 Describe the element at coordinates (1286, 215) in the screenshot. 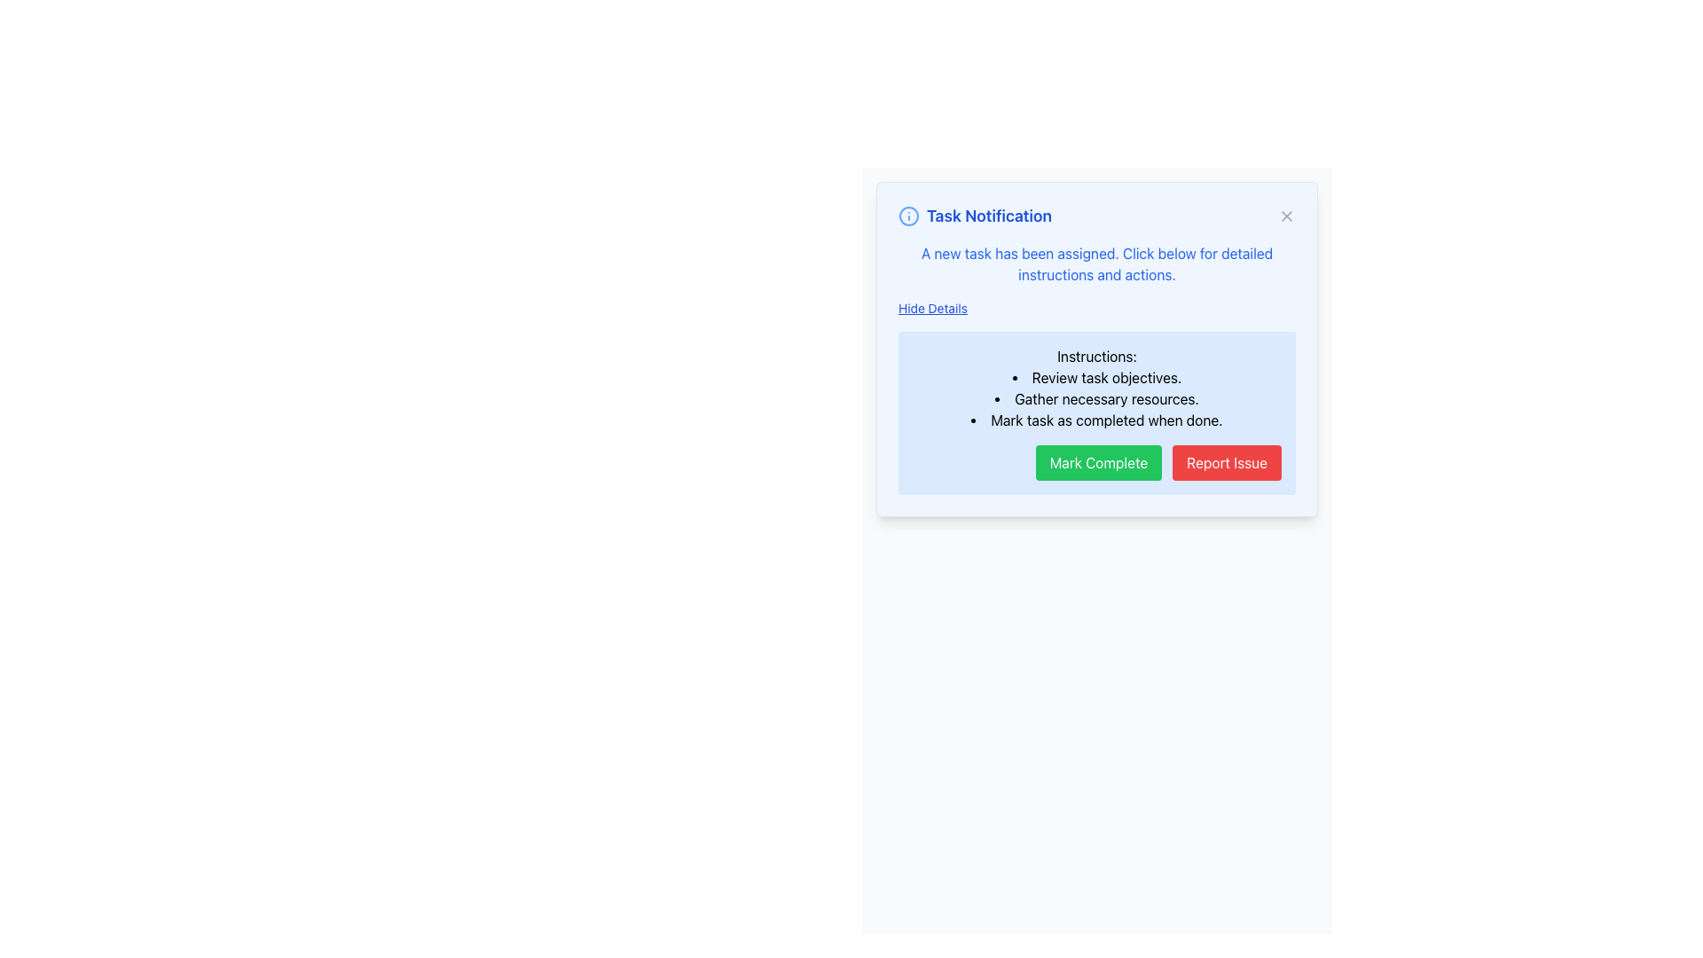

I see `the gray 'X' icon at the far right side of the 'Task Notification' header` at that location.